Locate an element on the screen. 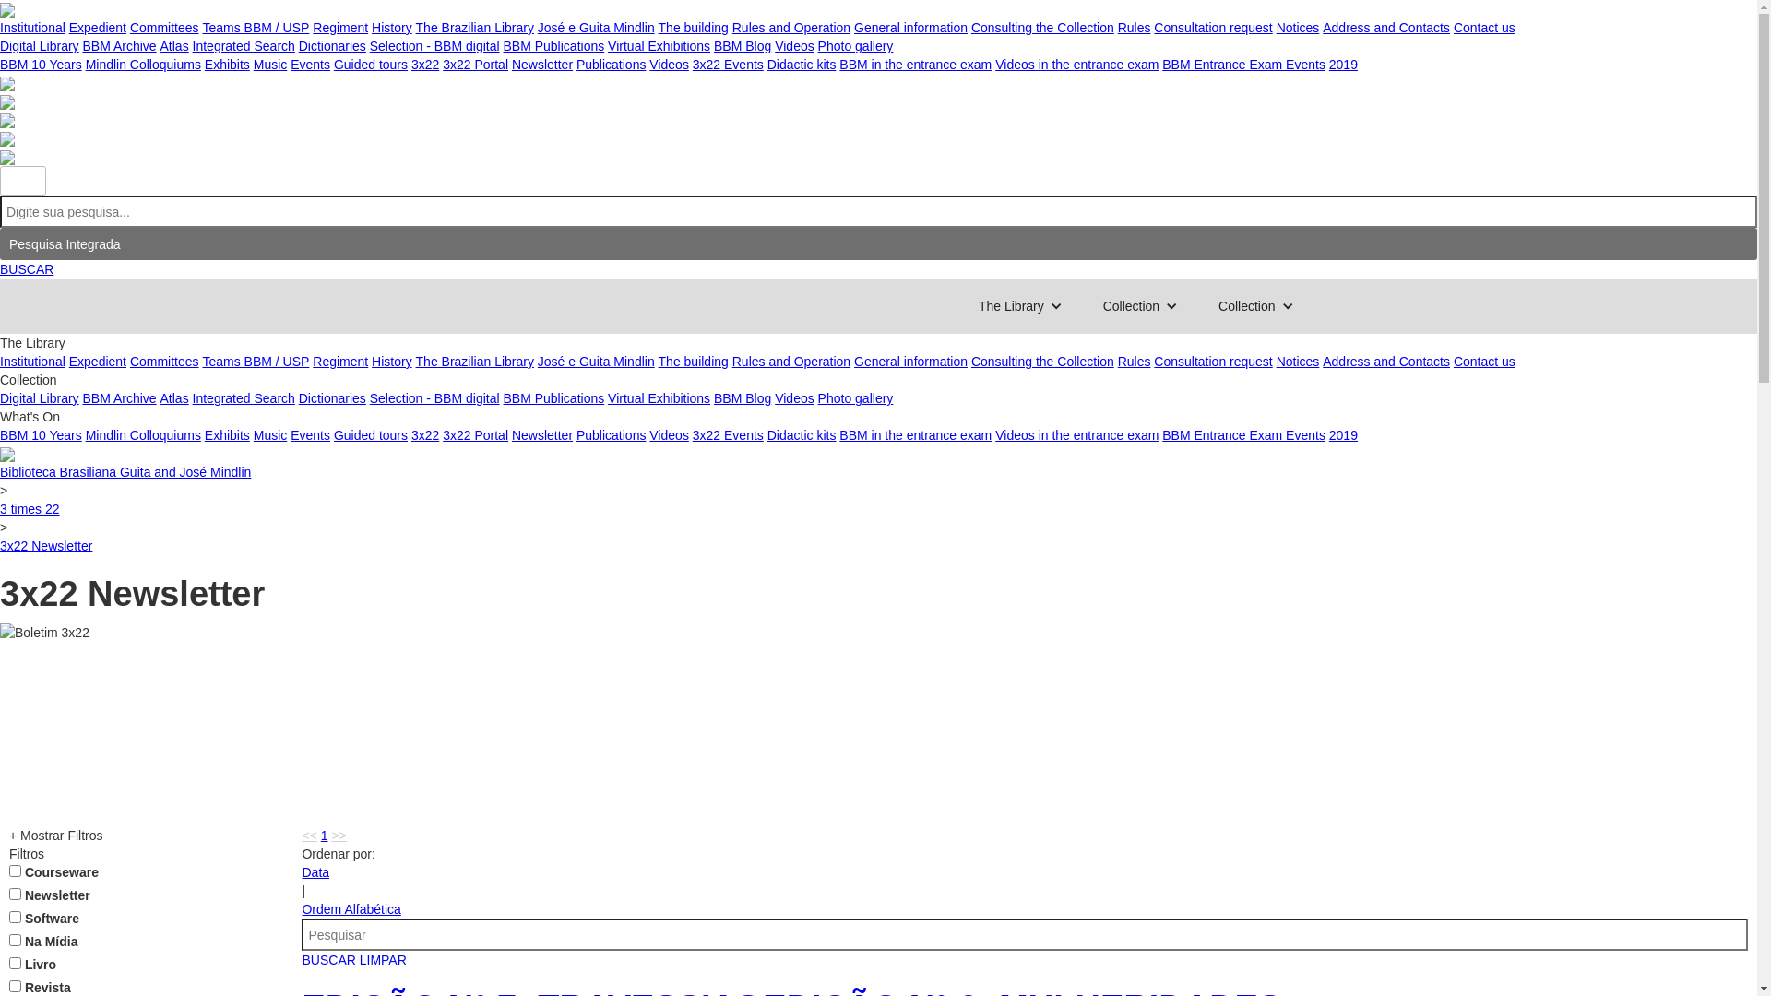  'Contact us' is located at coordinates (1484, 28).